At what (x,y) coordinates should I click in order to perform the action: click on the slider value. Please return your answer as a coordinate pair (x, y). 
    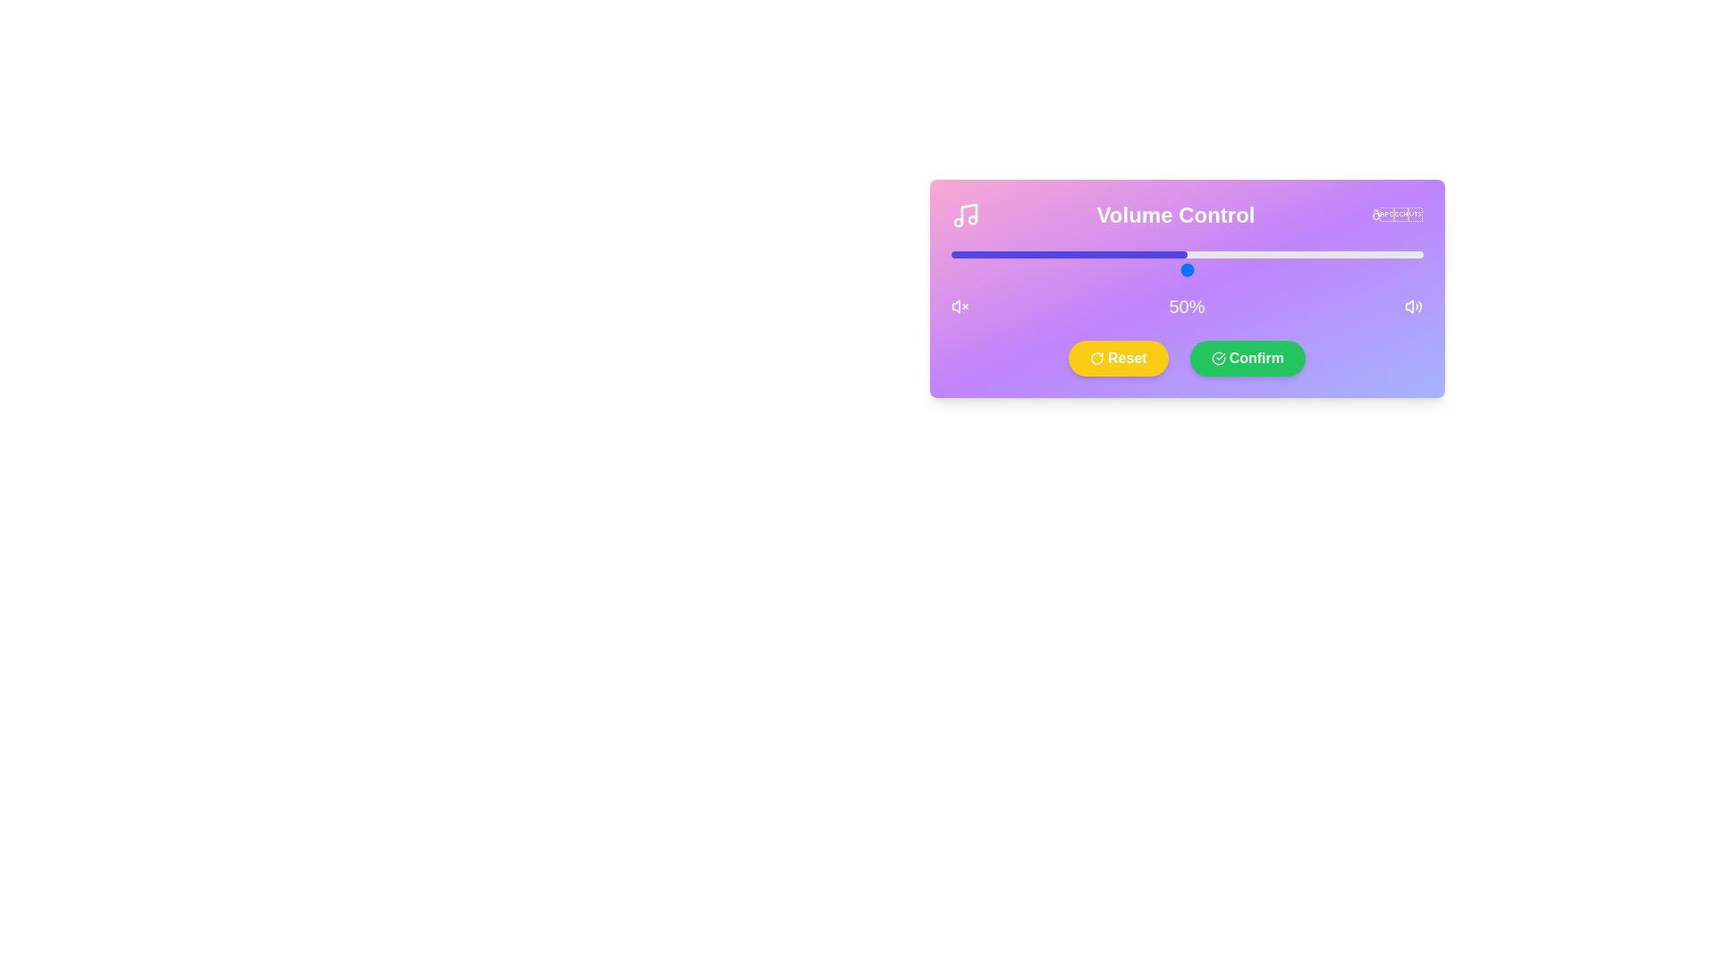
    Looking at the image, I should click on (993, 255).